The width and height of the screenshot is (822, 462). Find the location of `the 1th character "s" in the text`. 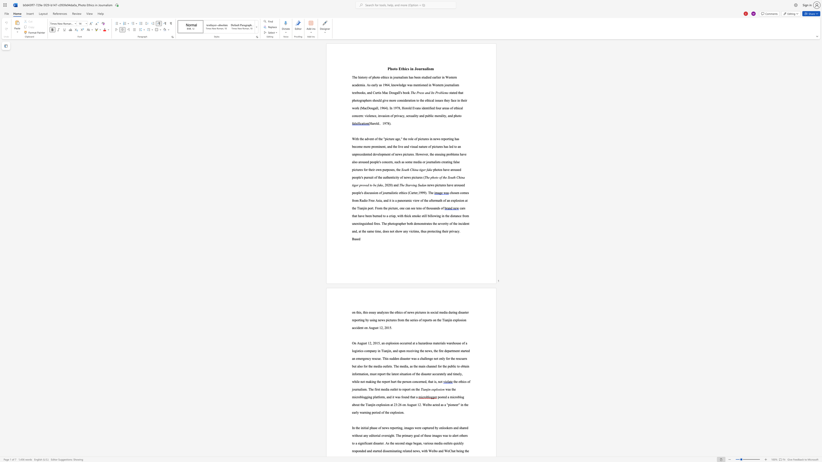

the 1th character "s" in the text is located at coordinates (420, 107).